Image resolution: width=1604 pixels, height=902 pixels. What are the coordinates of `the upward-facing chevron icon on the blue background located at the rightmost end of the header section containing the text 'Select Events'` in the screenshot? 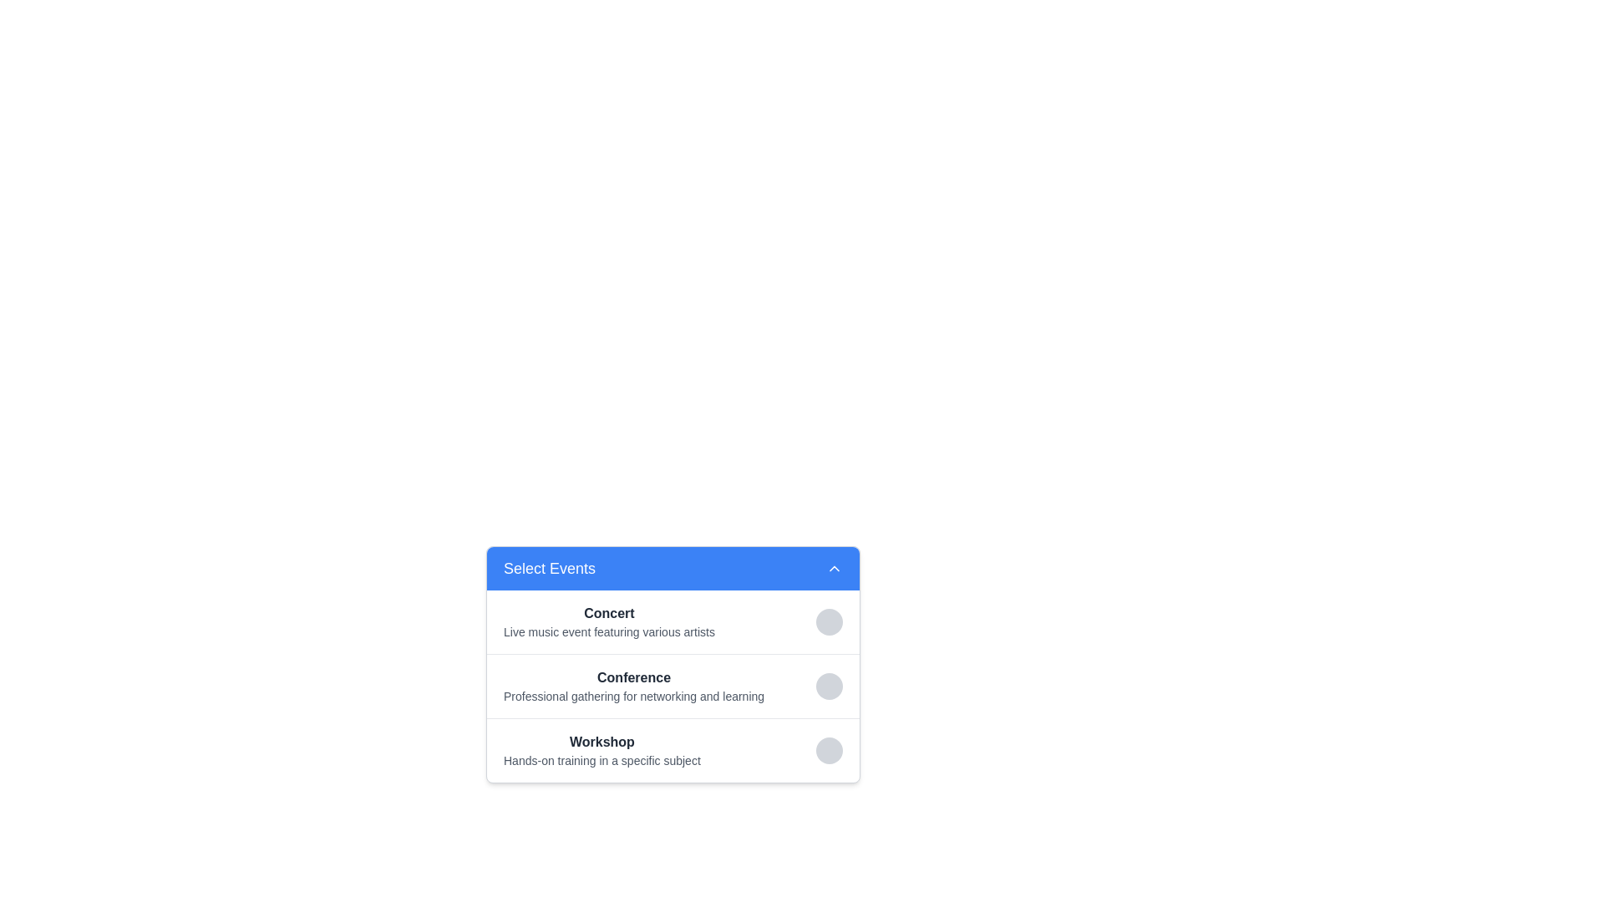 It's located at (834, 568).